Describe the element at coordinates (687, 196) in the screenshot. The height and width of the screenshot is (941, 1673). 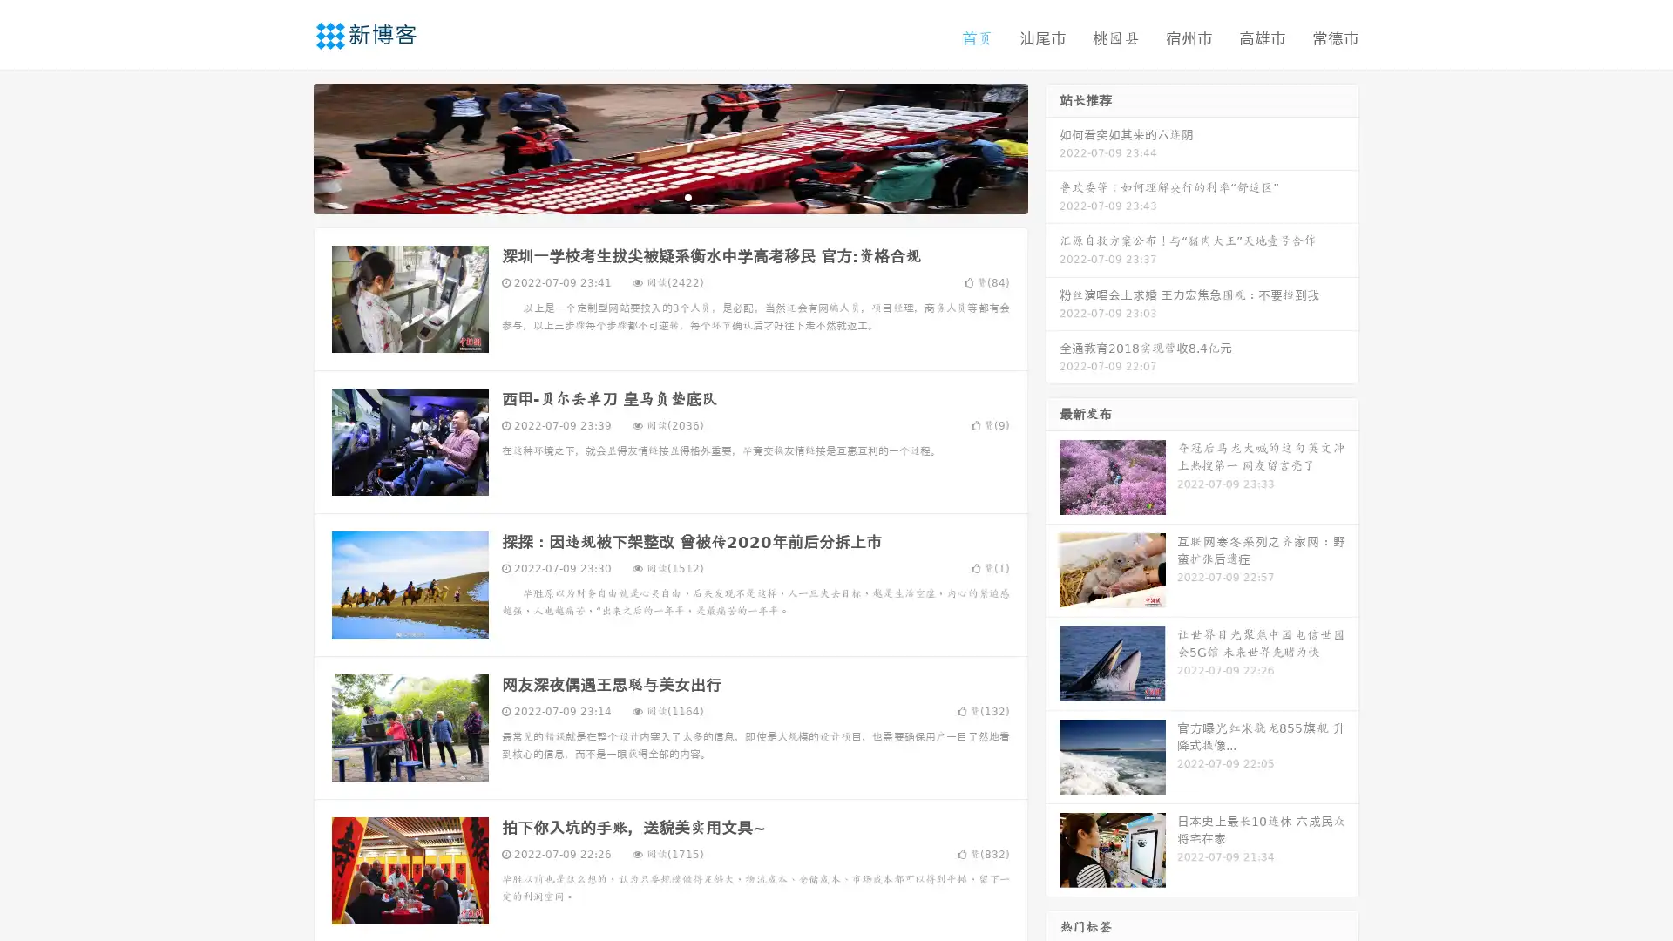
I see `Go to slide 3` at that location.